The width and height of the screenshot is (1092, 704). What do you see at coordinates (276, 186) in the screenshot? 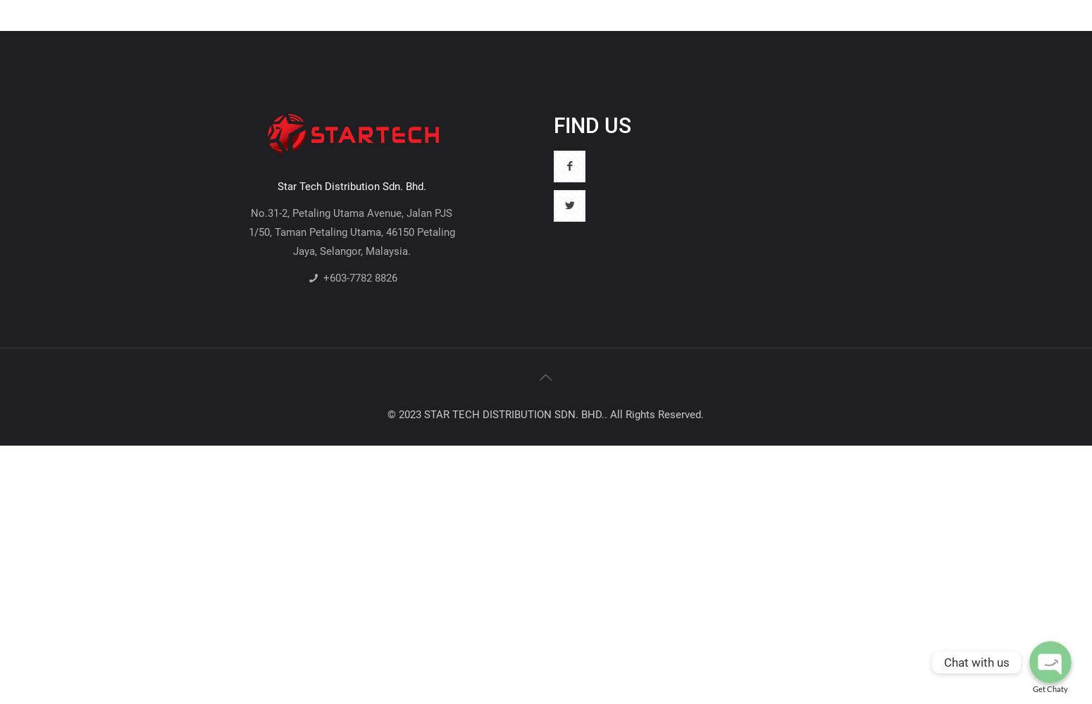
I see `'Star Tech Distribution Sdn. Bhd.'` at bounding box center [276, 186].